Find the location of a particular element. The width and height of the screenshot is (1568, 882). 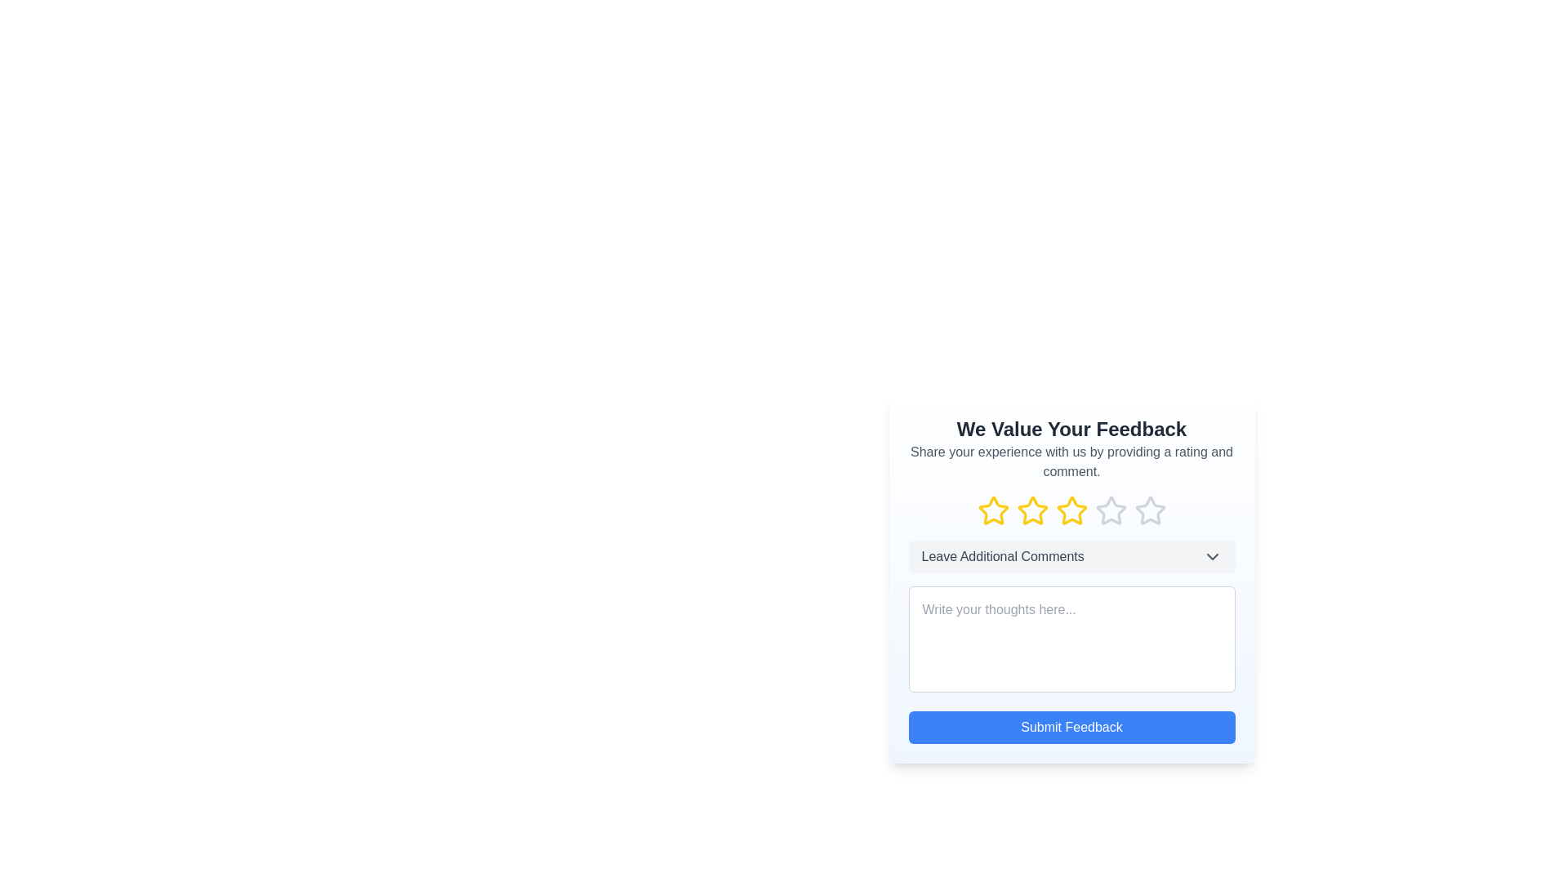

the header element with bold, extra-large text that reads 'We Value Your Feedback', located at the top of the feedback form interface is located at coordinates (1071, 428).